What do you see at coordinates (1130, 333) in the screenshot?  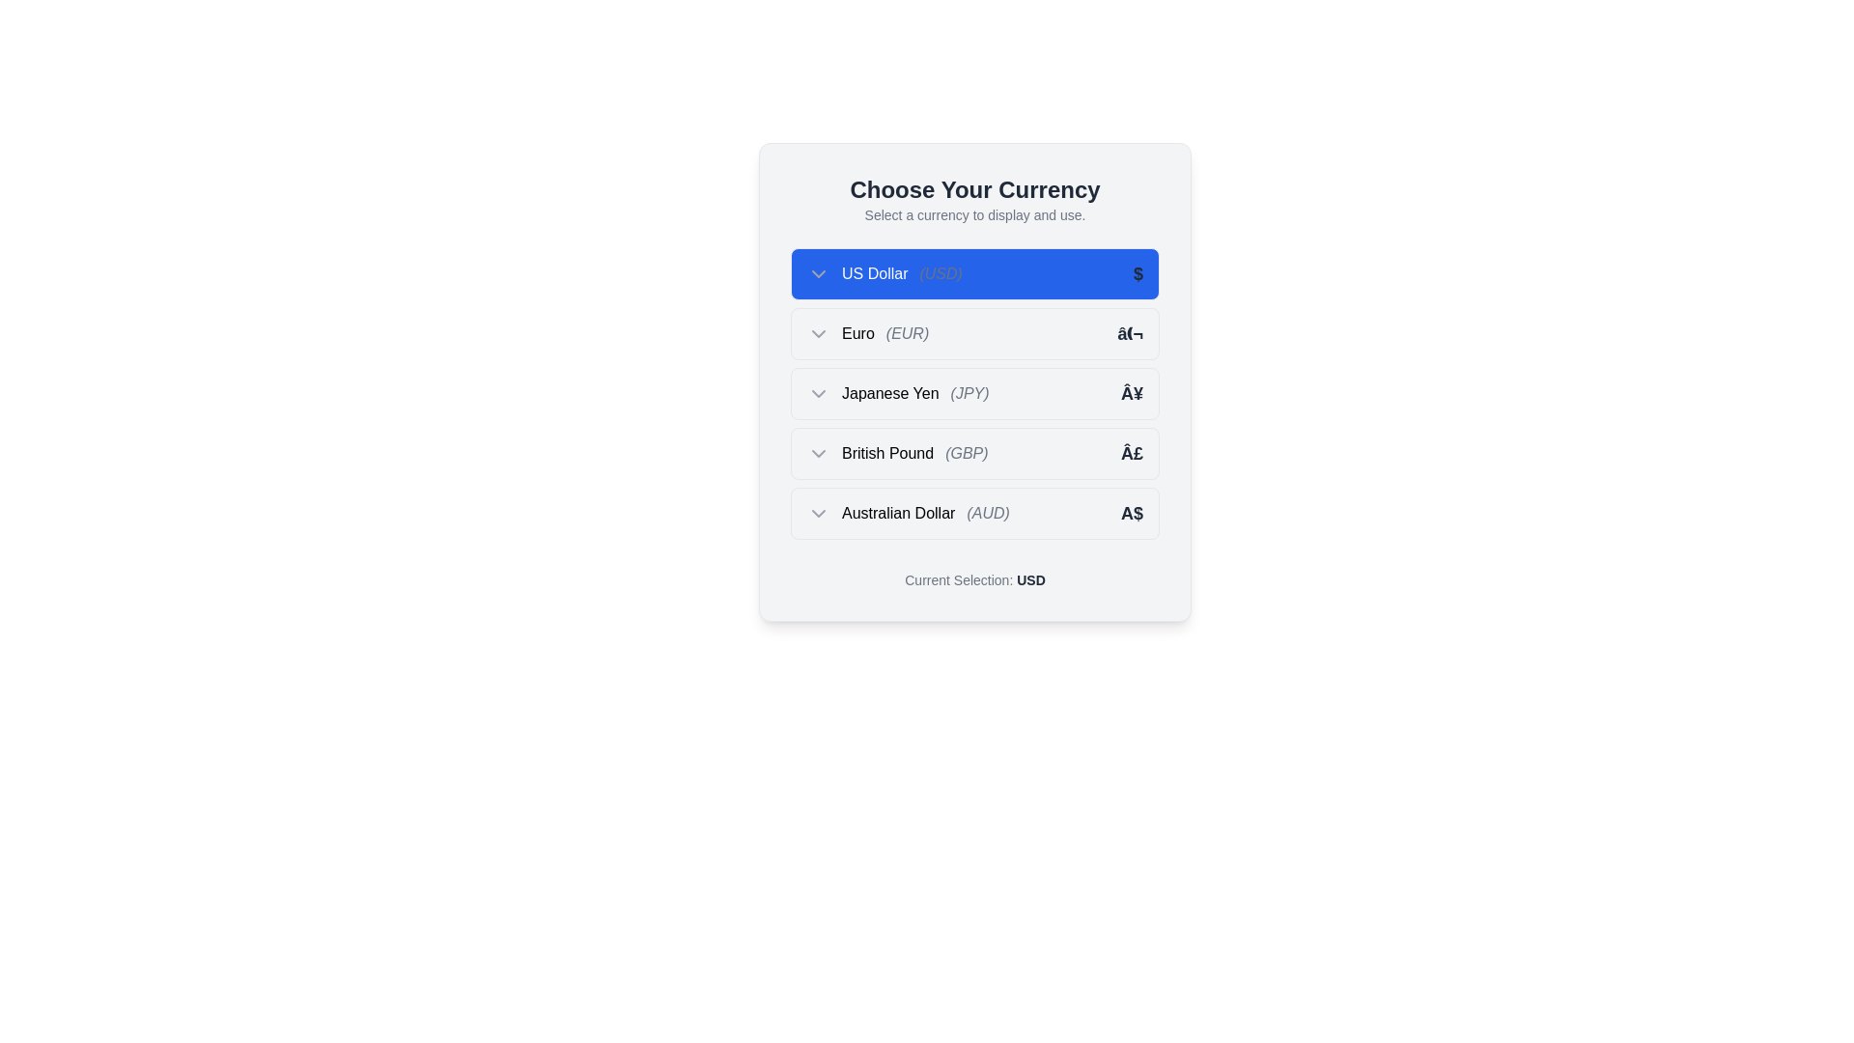 I see `the bold euro symbol ('€') positioned at the far right of the row labeled 'Euro (EUR)' in the currency selector interface` at bounding box center [1130, 333].